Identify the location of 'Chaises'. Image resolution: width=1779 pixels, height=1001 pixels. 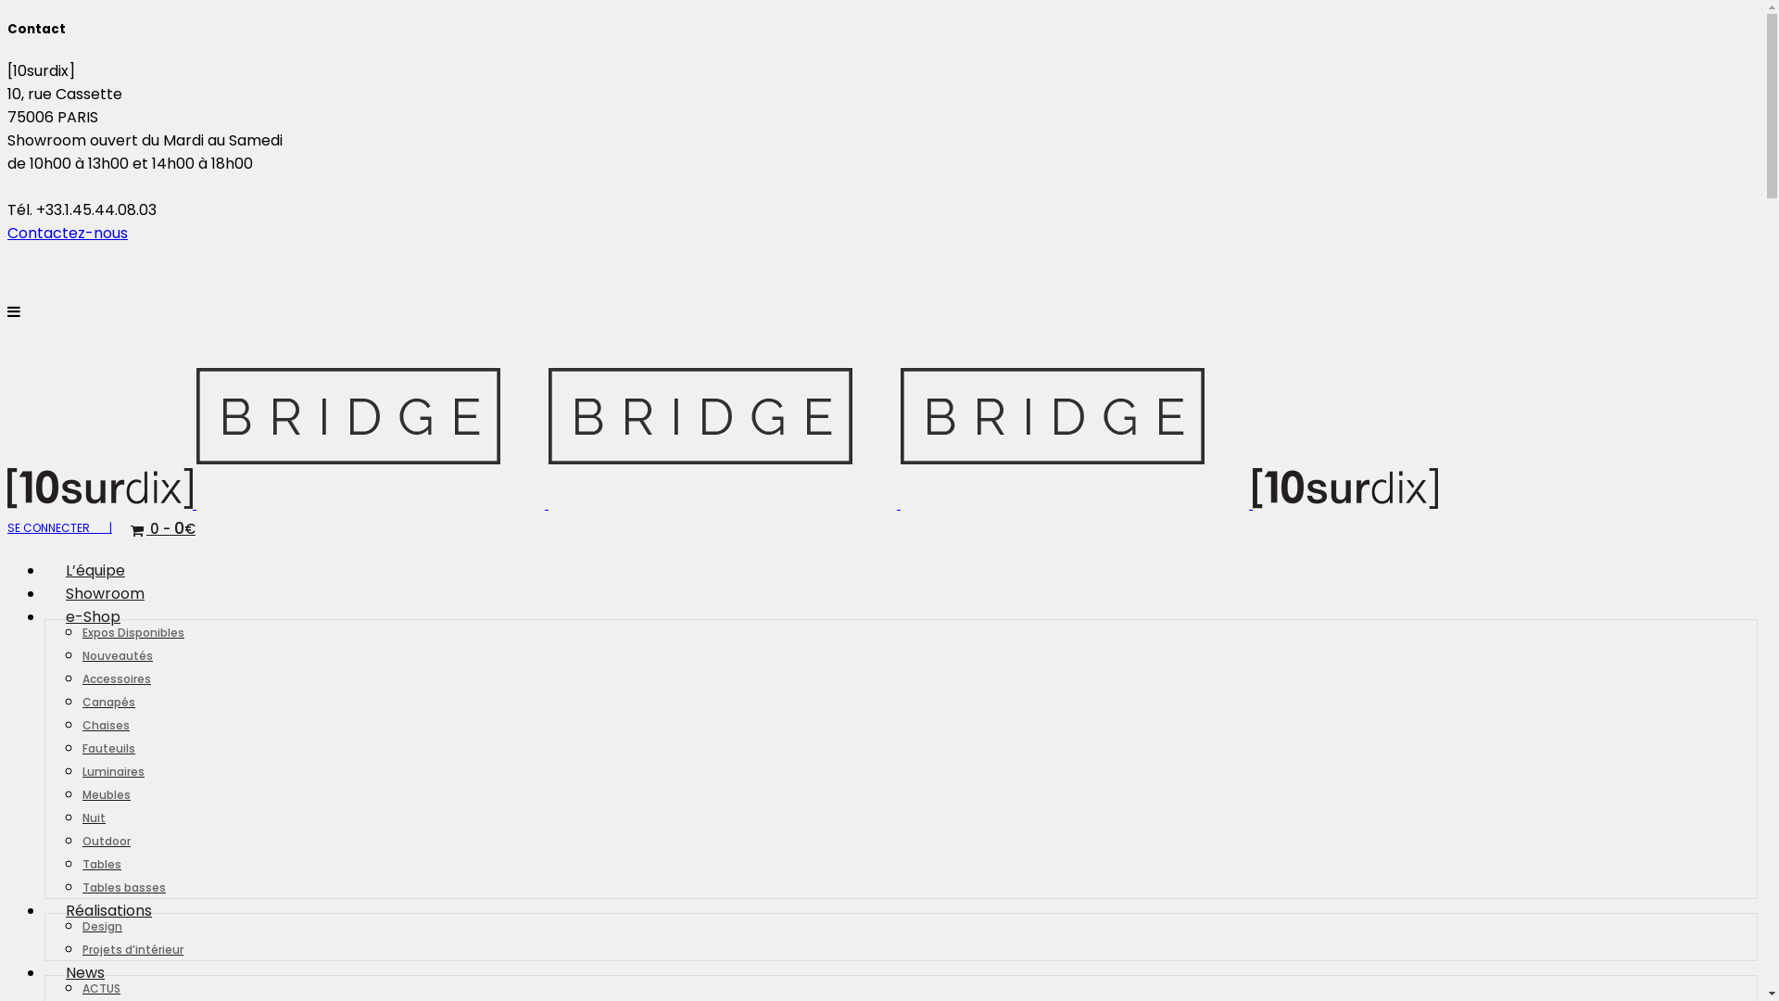
(105, 723).